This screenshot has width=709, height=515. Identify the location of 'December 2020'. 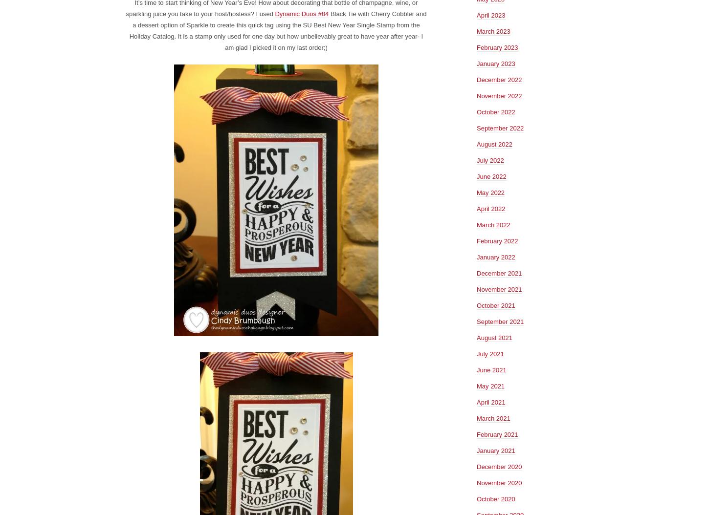
(499, 466).